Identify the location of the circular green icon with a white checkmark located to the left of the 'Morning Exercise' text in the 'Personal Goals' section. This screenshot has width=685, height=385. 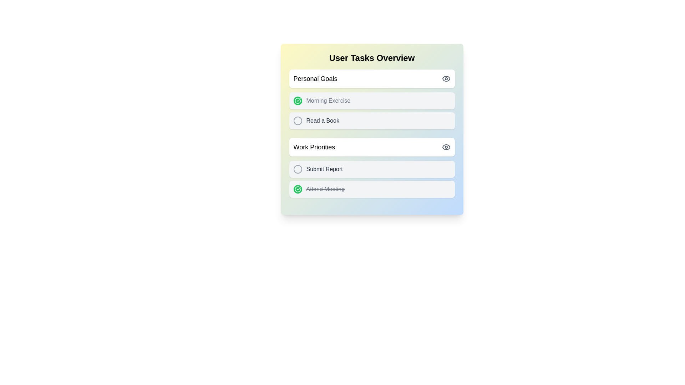
(298, 101).